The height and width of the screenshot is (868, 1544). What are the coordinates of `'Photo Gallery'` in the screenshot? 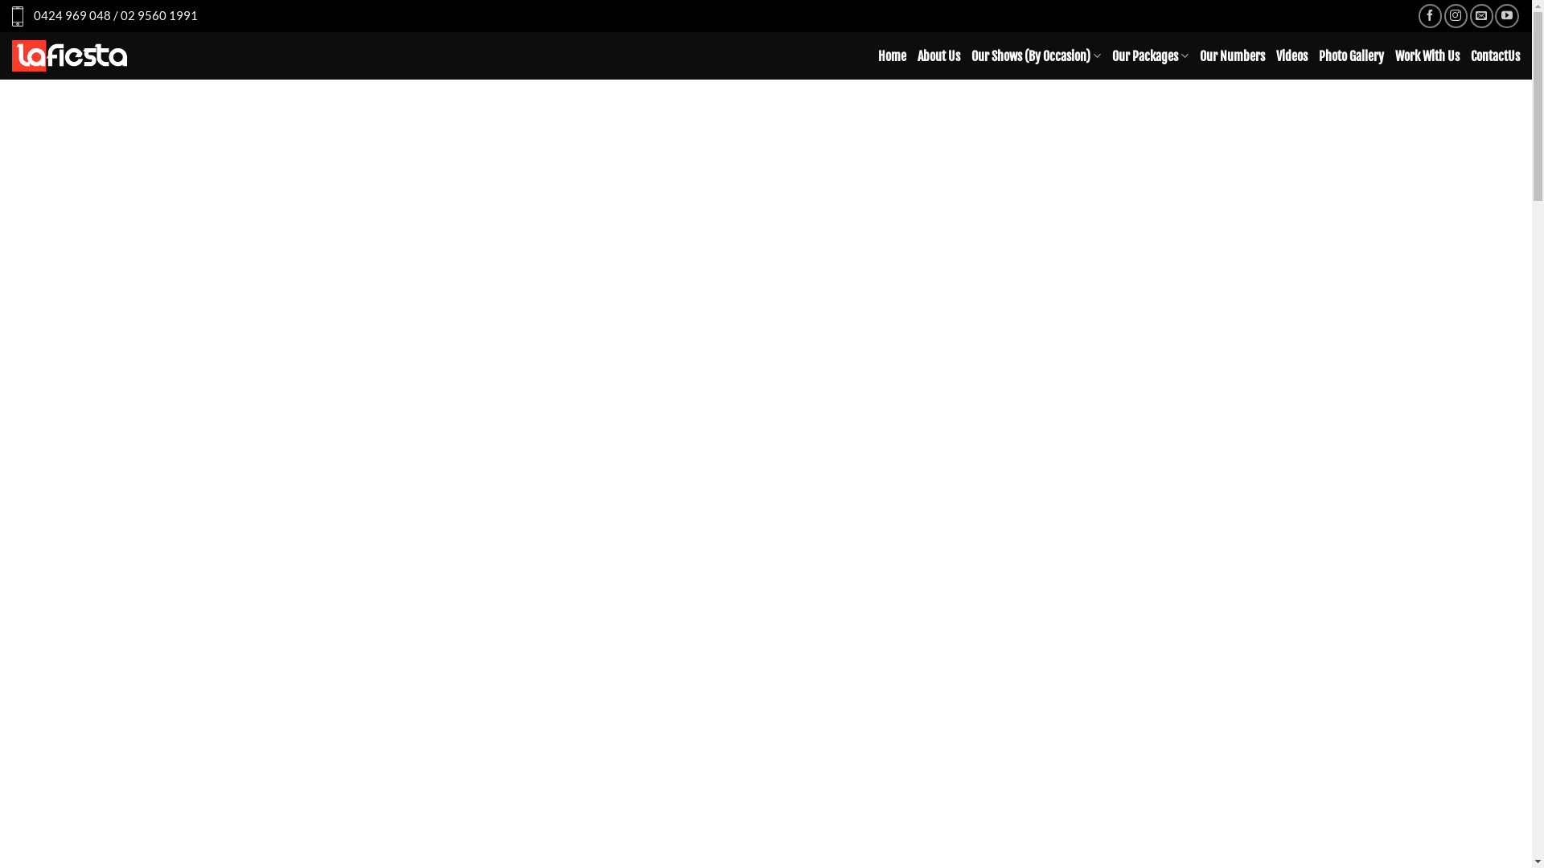 It's located at (1351, 55).